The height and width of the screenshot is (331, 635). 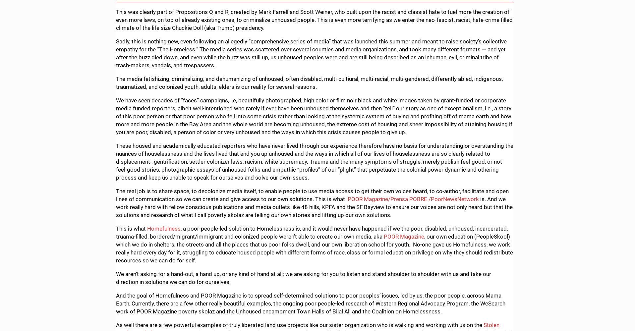 I want to click on 'is. And we work really hard with fellow conscious publications and media outlets like 48 hills, KPFA and the SF Bayview to ensure our voices are not only heard but that the solutions and research of what I call poverty skolaz are telling our own stories and lifting up our own solutions.', so click(x=314, y=206).